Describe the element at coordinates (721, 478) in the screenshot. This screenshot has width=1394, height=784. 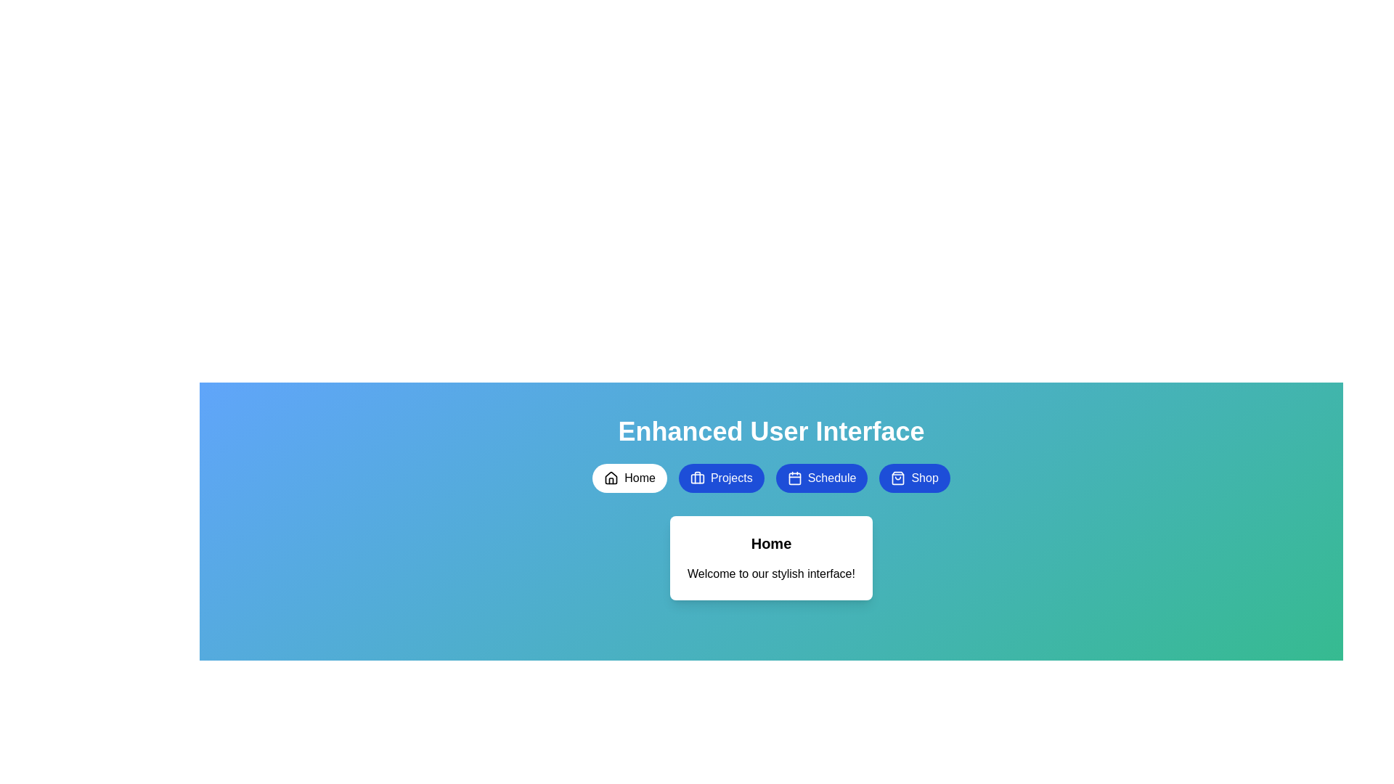
I see `the Projects button to switch to the corresponding tab` at that location.